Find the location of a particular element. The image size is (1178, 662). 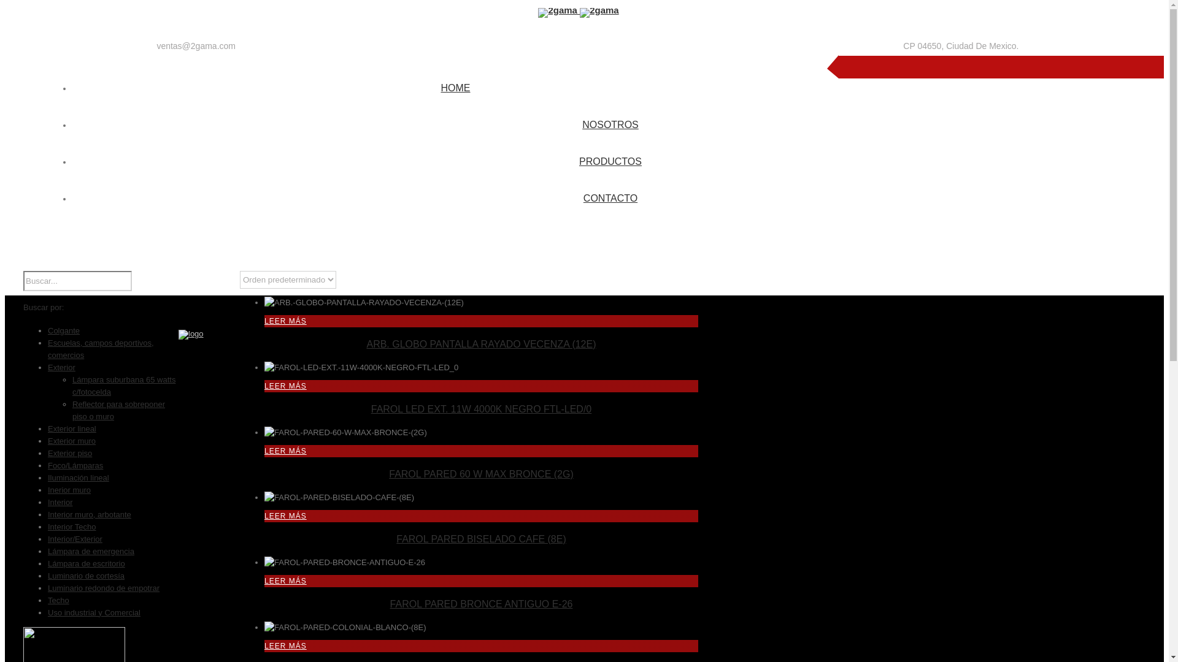

'Colgante' is located at coordinates (63, 330).